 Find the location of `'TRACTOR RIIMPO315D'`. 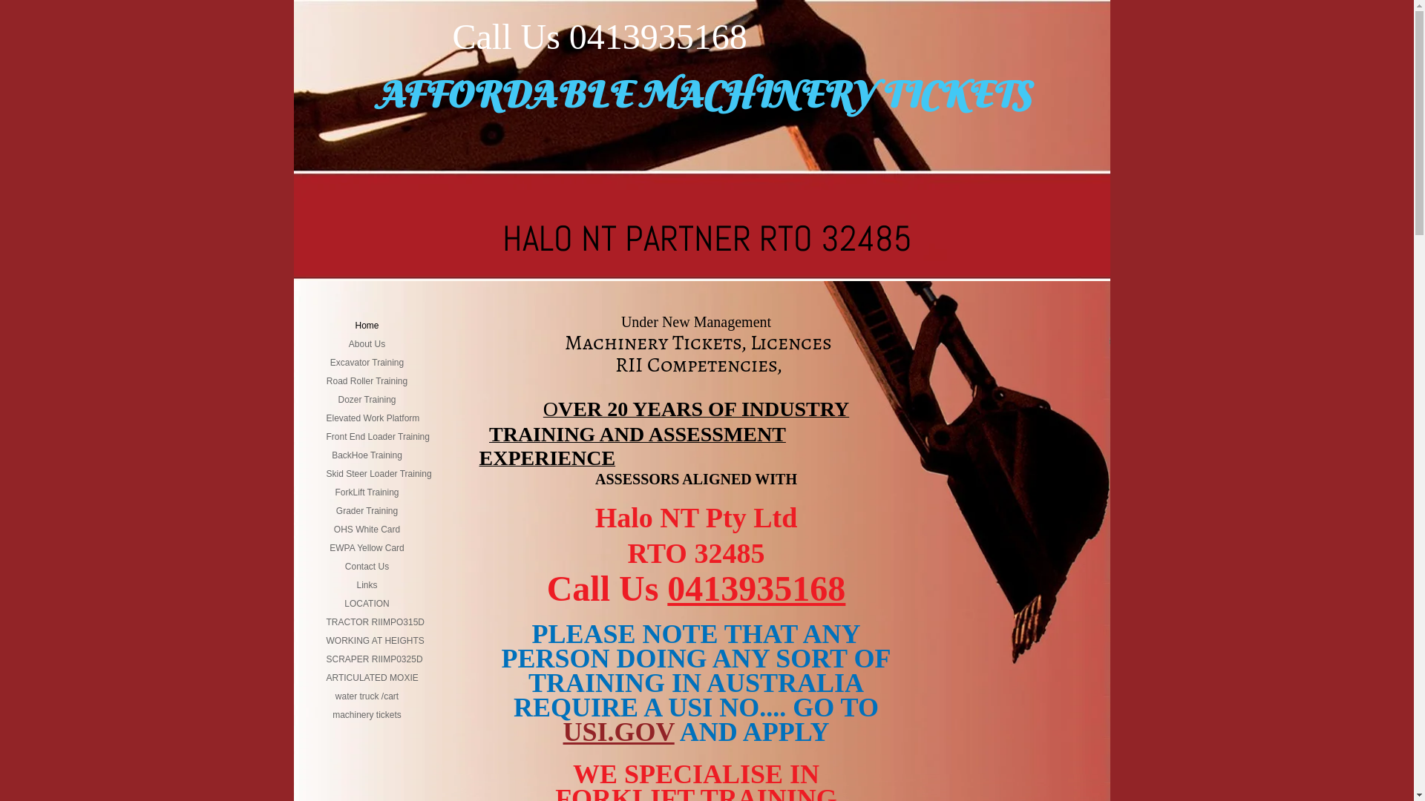

'TRACTOR RIIMPO315D' is located at coordinates (375, 622).